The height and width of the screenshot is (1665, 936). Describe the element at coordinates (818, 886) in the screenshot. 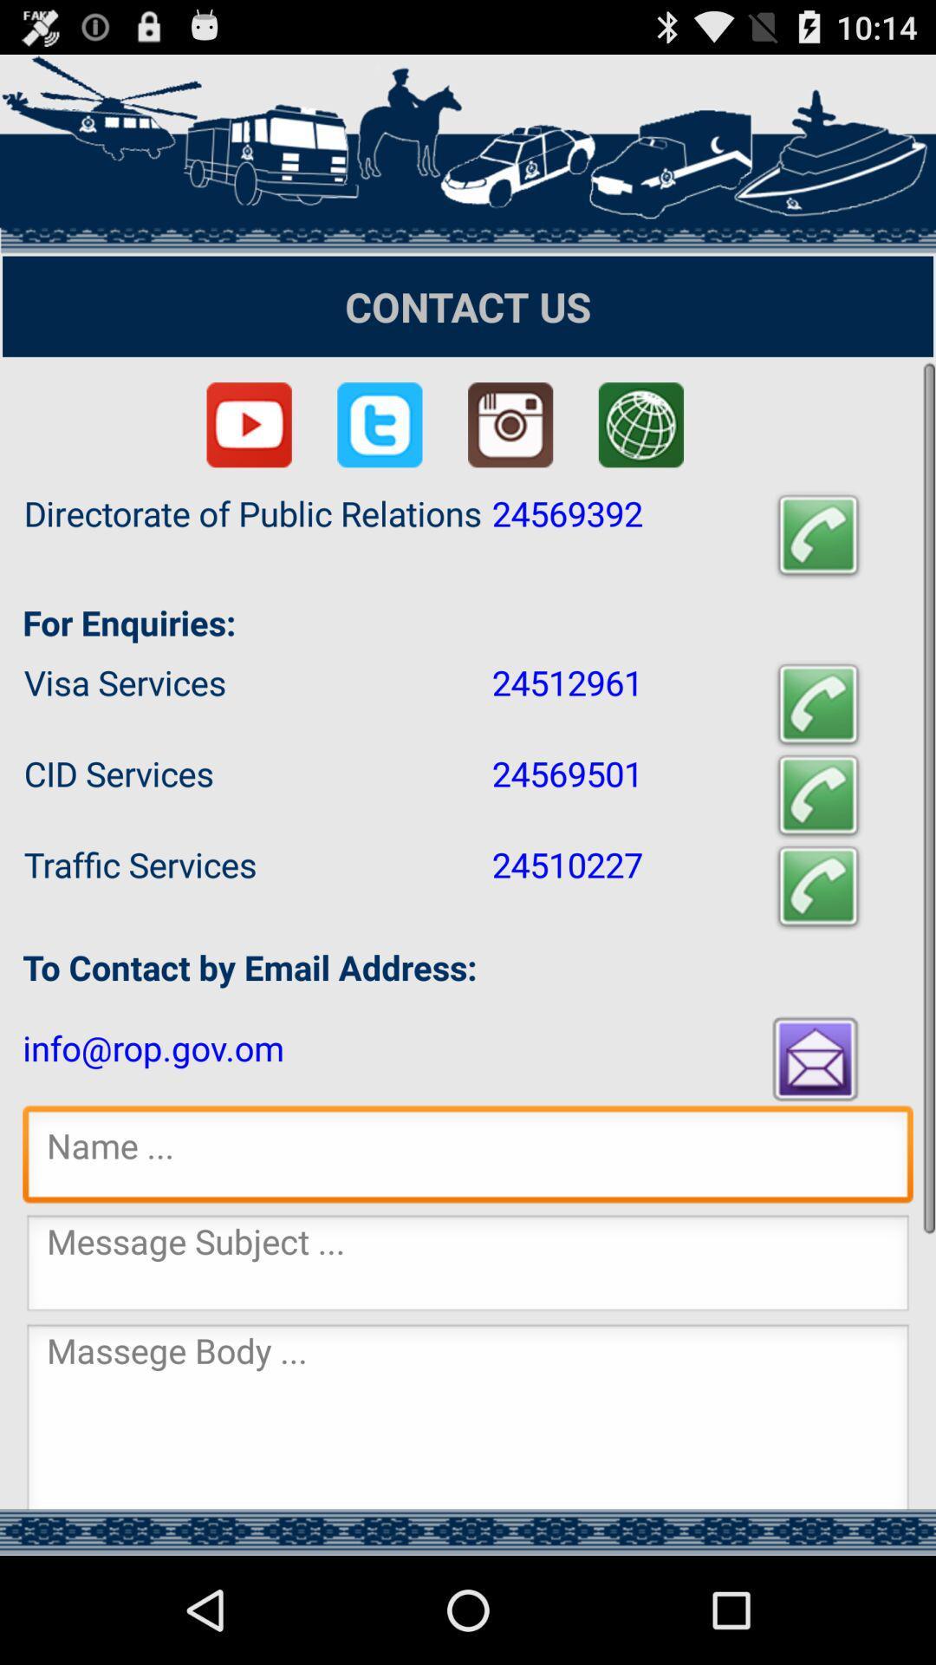

I see `the item to the right of the 24510227` at that location.